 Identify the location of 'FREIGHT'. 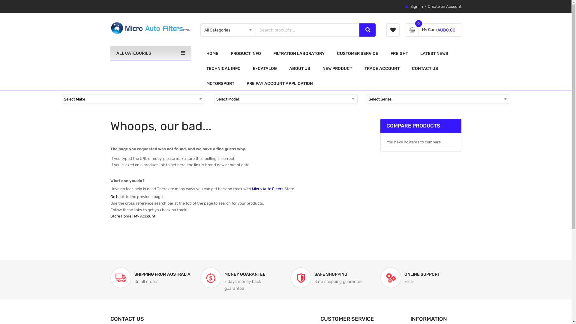
(399, 53).